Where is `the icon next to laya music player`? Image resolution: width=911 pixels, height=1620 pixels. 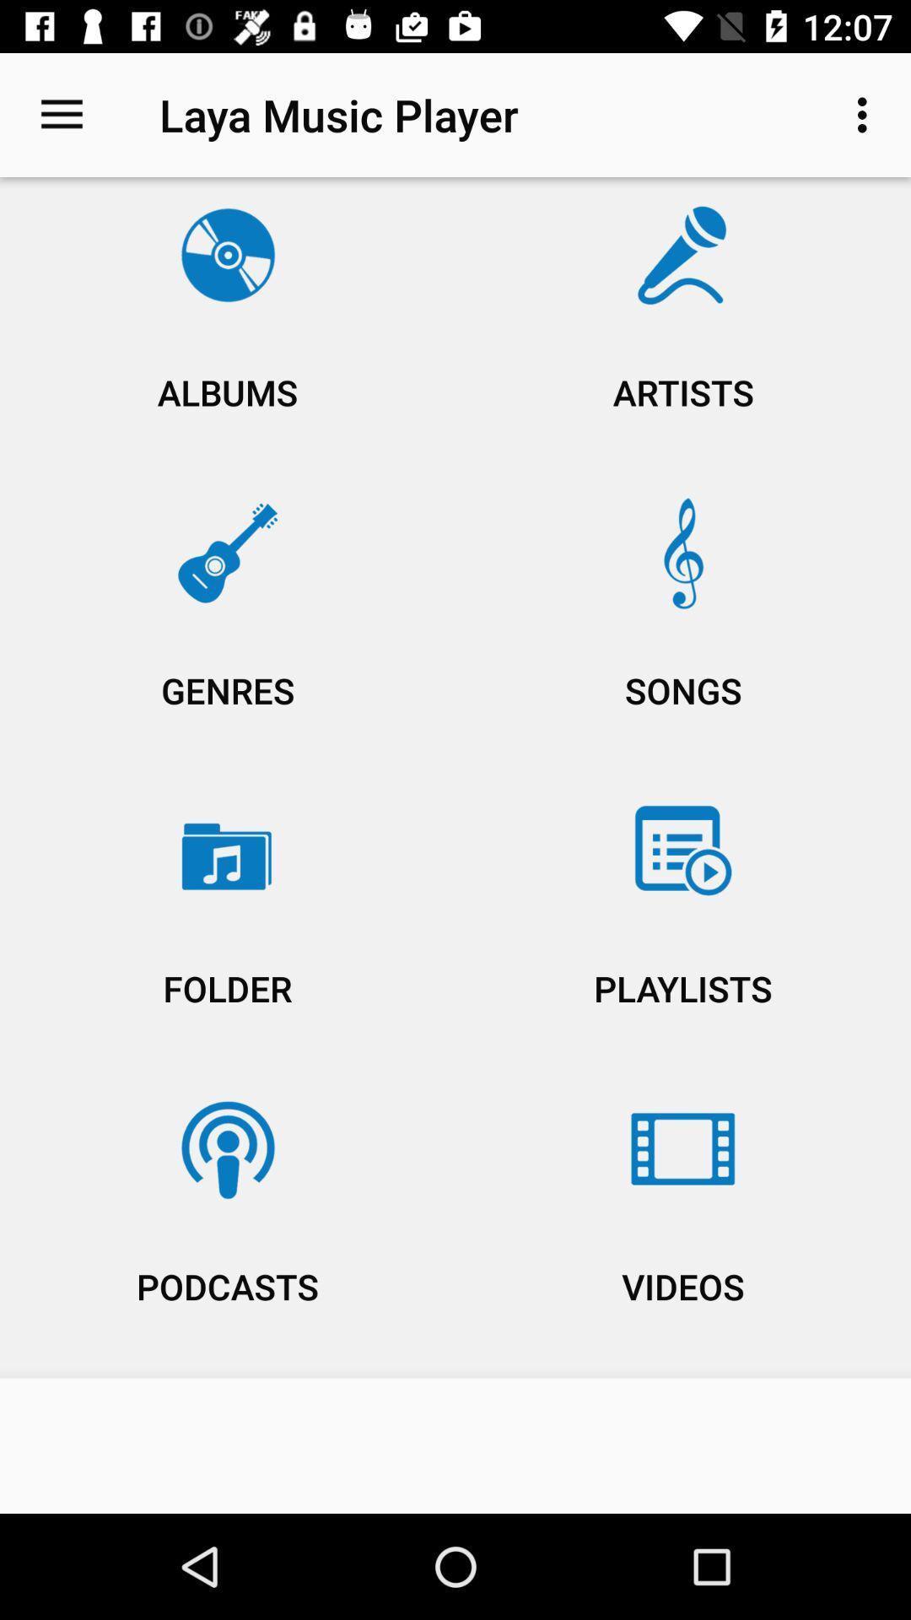 the icon next to laya music player is located at coordinates (61, 114).